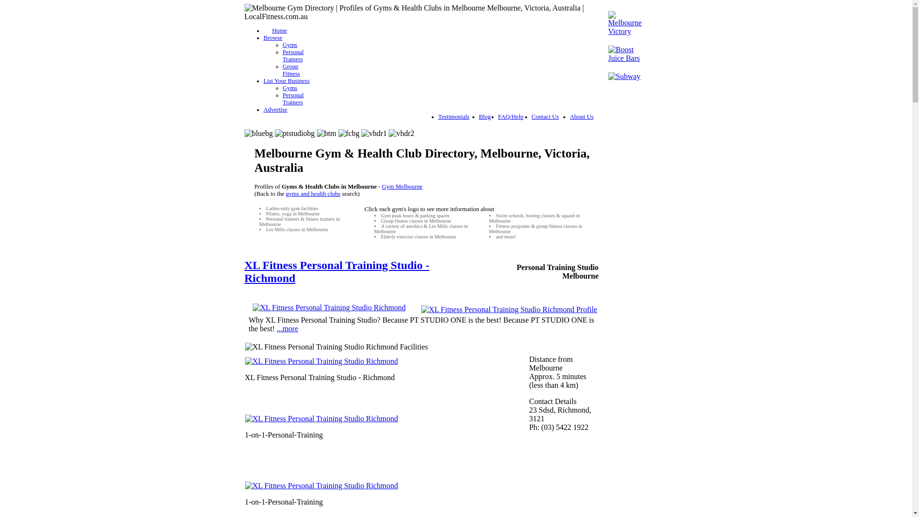 The height and width of the screenshot is (517, 919). I want to click on 'List Your Business', so click(286, 80).